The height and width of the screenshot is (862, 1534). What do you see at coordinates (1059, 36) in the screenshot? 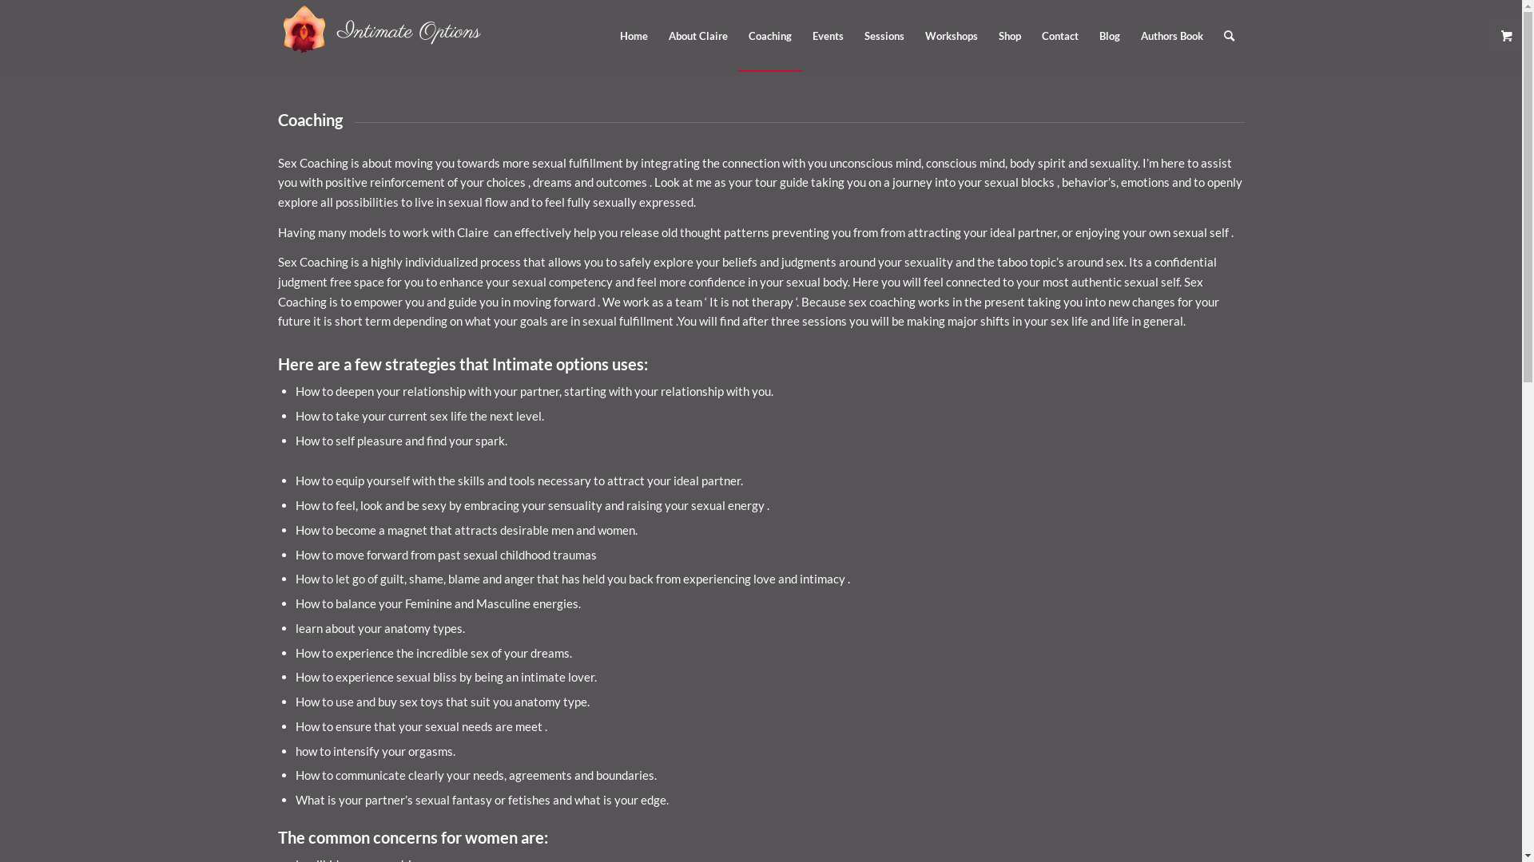
I see `'Contact'` at bounding box center [1059, 36].